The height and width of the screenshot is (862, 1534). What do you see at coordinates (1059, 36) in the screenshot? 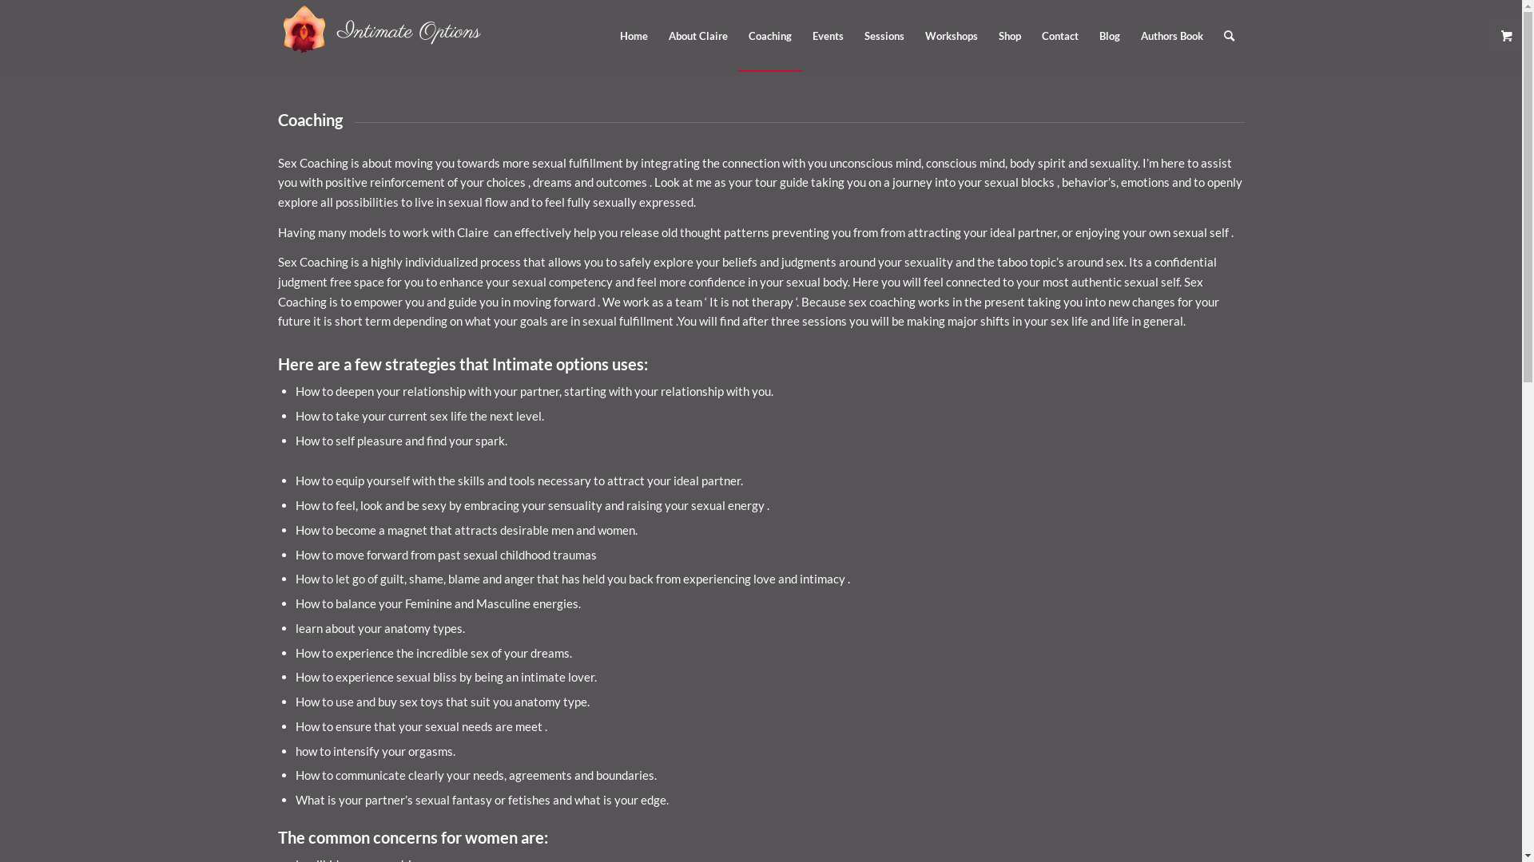
I see `'Contact'` at bounding box center [1059, 36].